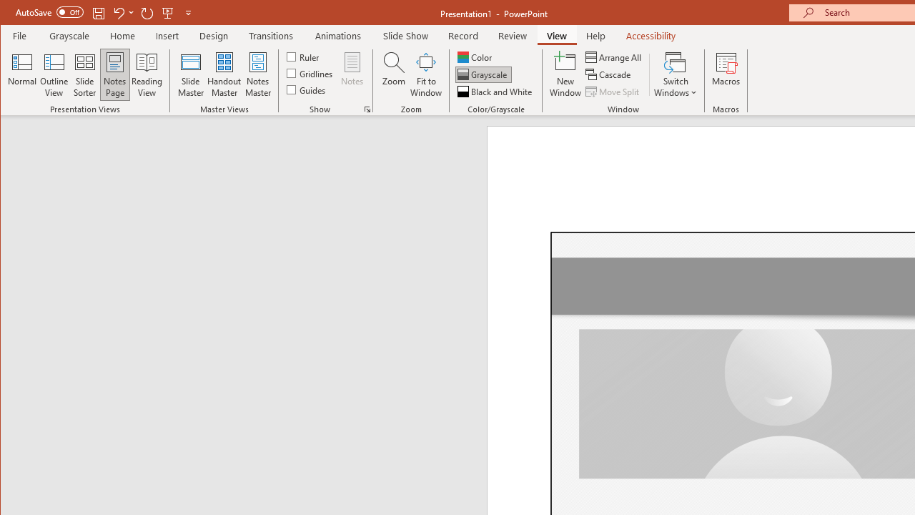 This screenshot has height=515, width=915. I want to click on 'Ruler', so click(303, 56).